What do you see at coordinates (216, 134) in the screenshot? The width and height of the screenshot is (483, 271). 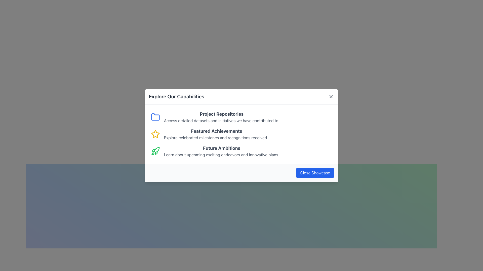 I see `informational text block titled 'Featured Achievements' located in the second row under 'Explore Our Capabilities', positioned between 'Project Repositories' and 'Future Ambitions'` at bounding box center [216, 134].